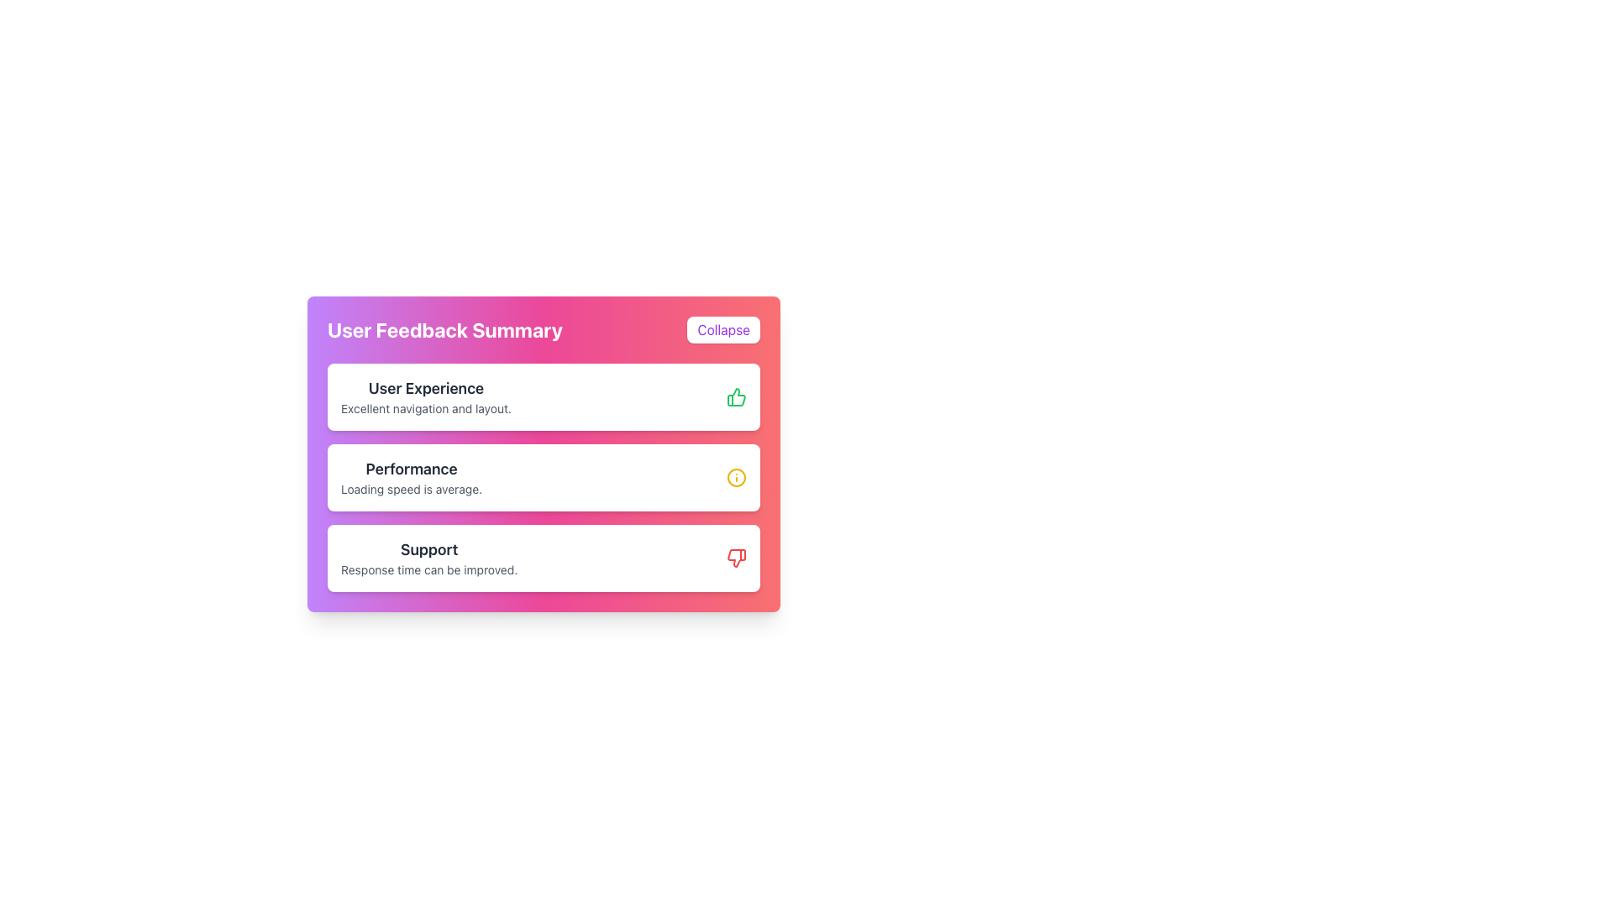 The height and width of the screenshot is (907, 1613). I want to click on the title or header for the 'Support' feedback section, which is located in the third feedback card above the text 'Response time can be improved.', so click(429, 550).